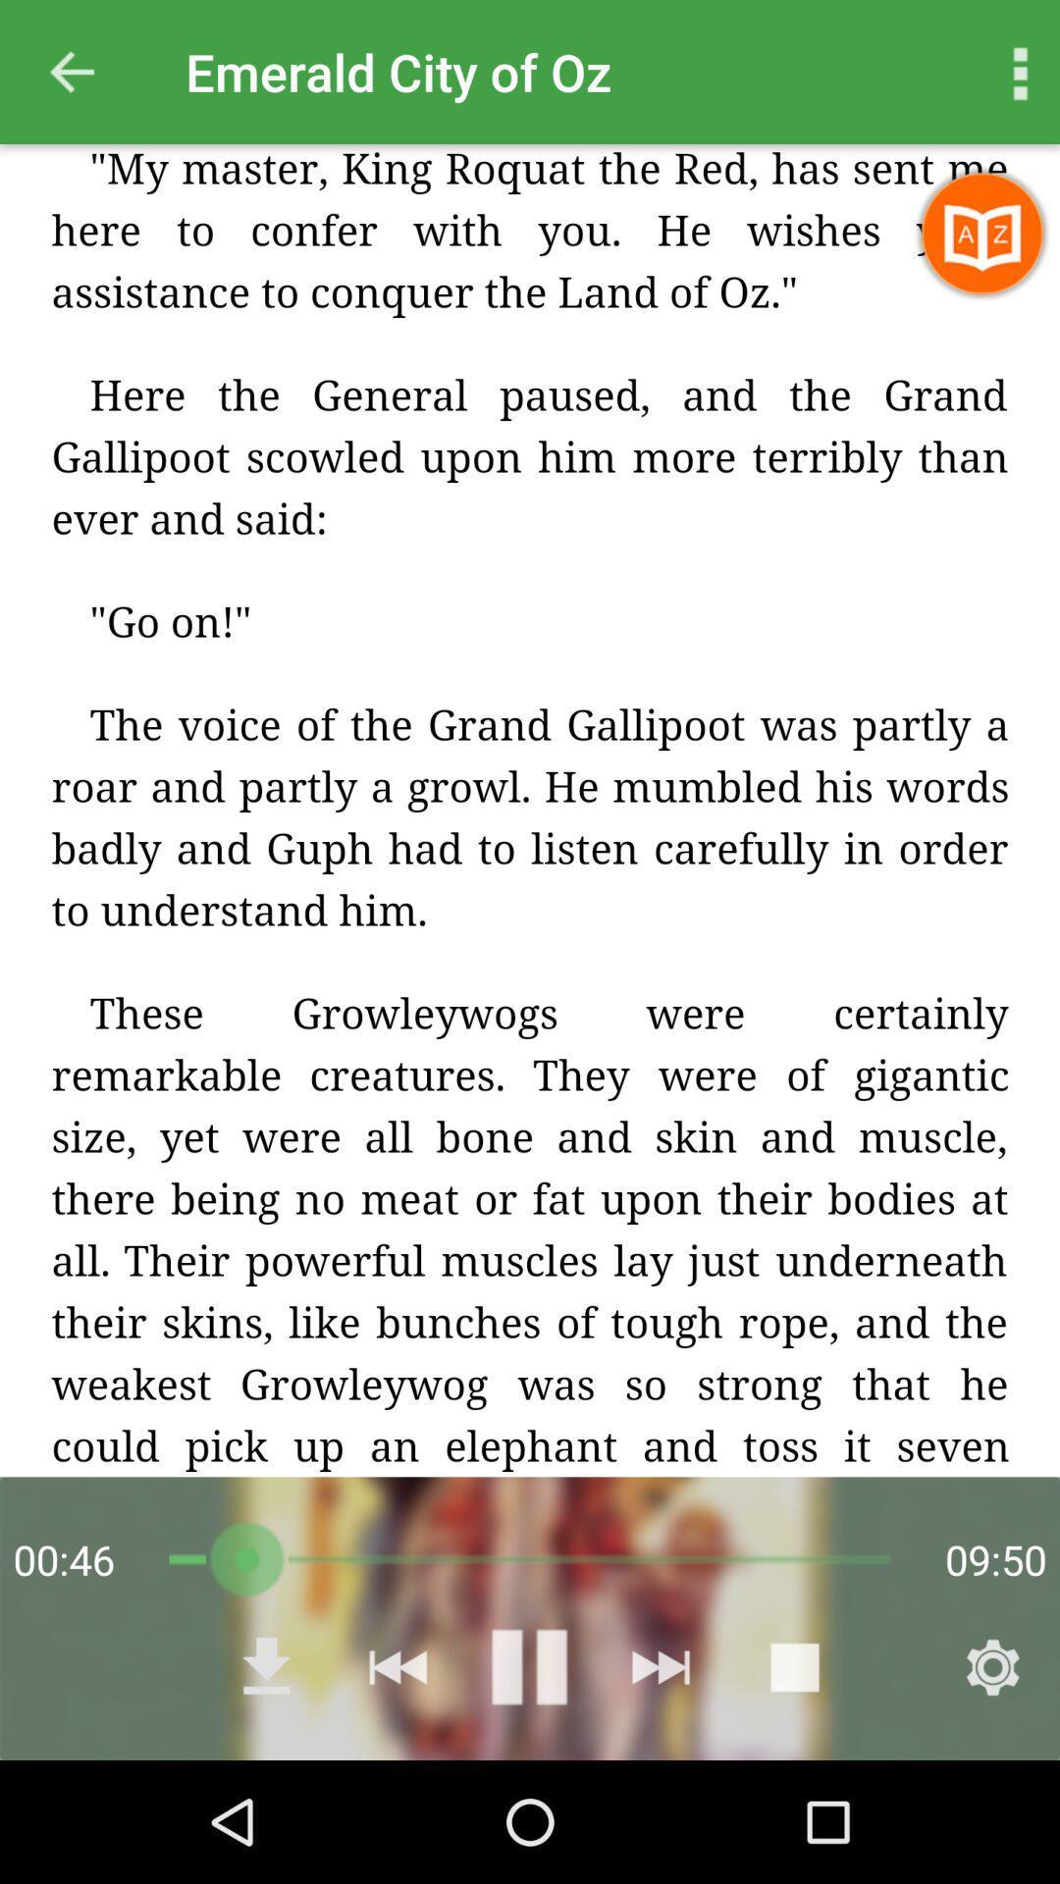 This screenshot has width=1060, height=1884. Describe the element at coordinates (992, 1666) in the screenshot. I see `the settings icon` at that location.